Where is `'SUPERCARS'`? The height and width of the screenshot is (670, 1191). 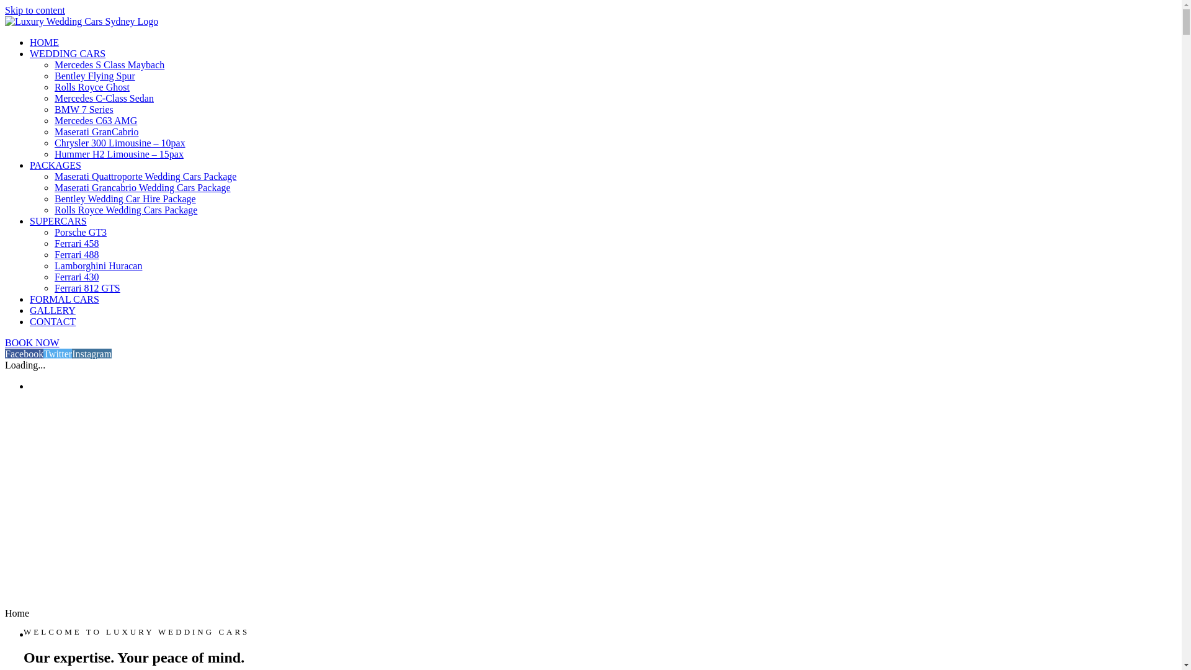
'SUPERCARS' is located at coordinates (58, 220).